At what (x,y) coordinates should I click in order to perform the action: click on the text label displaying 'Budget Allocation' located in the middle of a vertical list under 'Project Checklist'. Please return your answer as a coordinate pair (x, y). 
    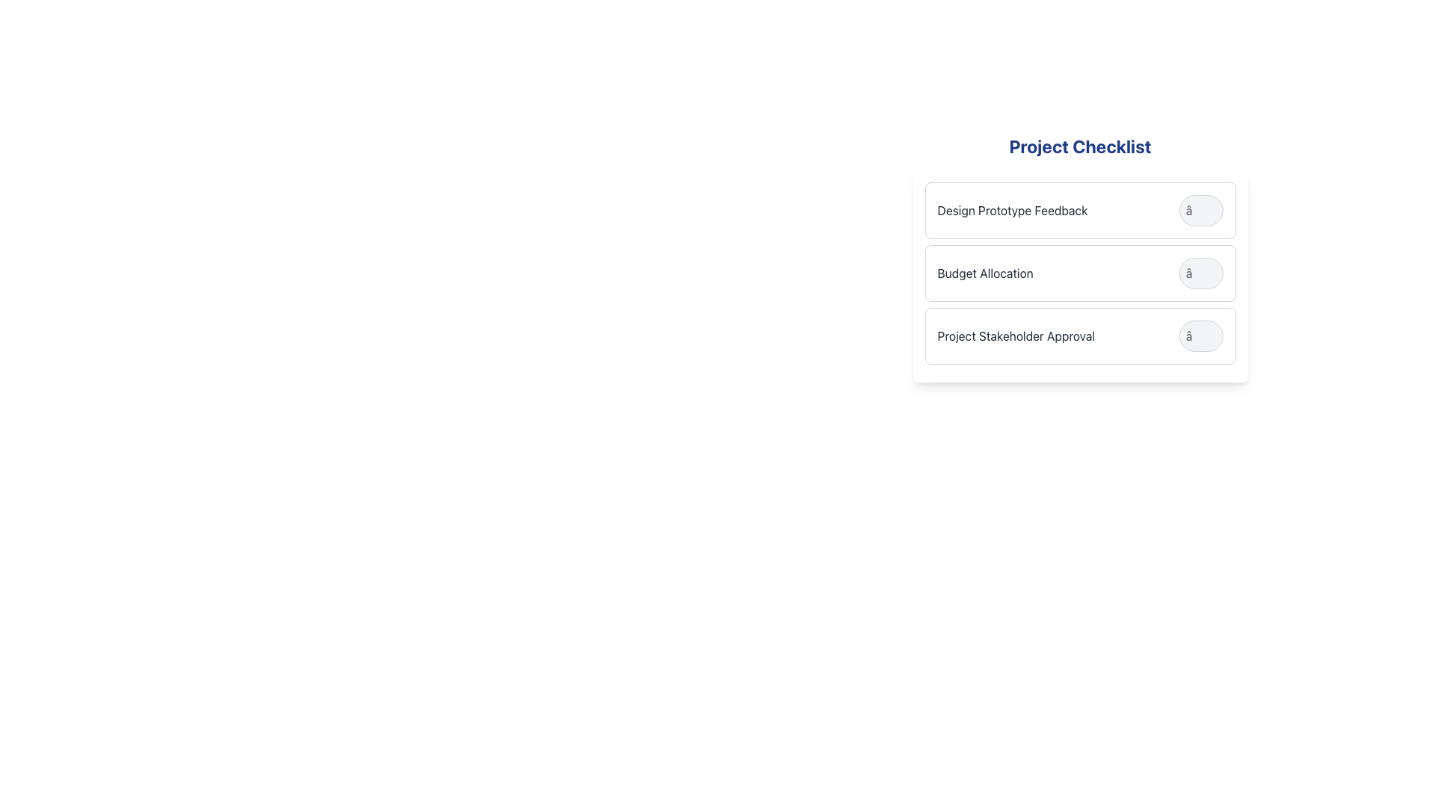
    Looking at the image, I should click on (985, 273).